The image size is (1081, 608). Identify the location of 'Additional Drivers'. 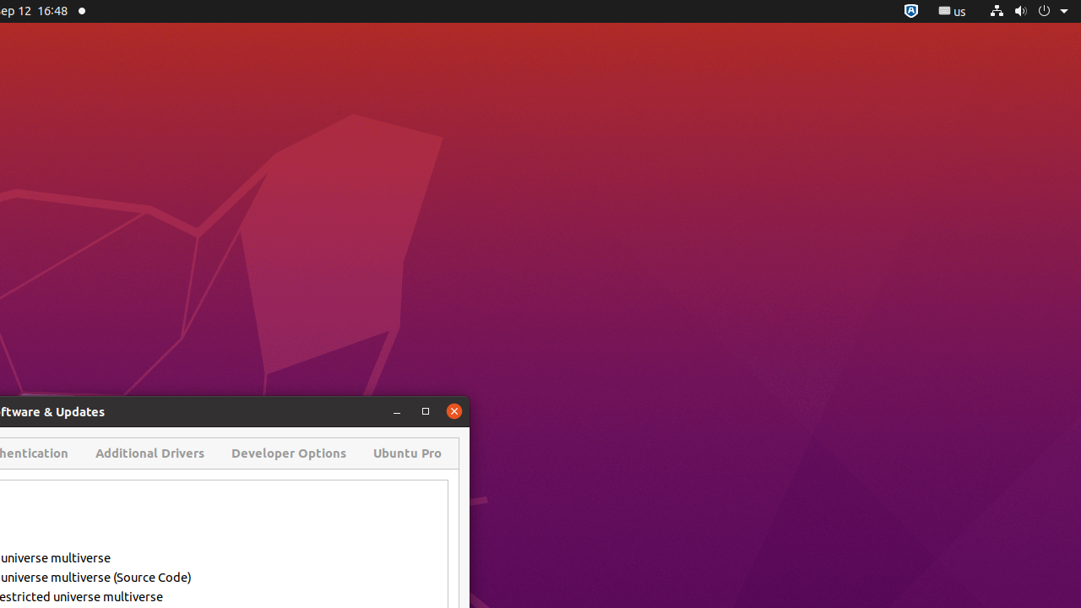
(149, 452).